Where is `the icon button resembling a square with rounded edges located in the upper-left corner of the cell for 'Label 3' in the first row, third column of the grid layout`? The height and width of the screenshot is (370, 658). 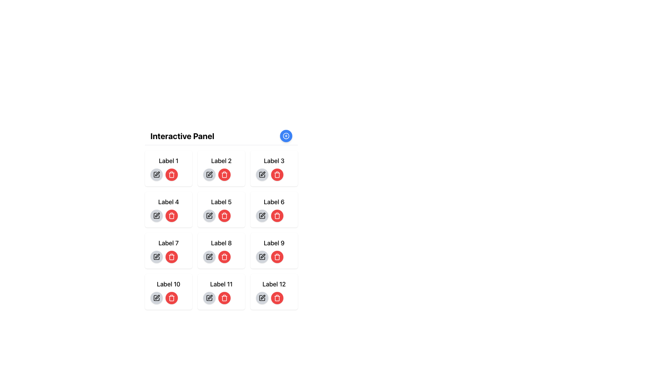
the icon button resembling a square with rounded edges located in the upper-left corner of the cell for 'Label 3' in the first row, third column of the grid layout is located at coordinates (261, 174).